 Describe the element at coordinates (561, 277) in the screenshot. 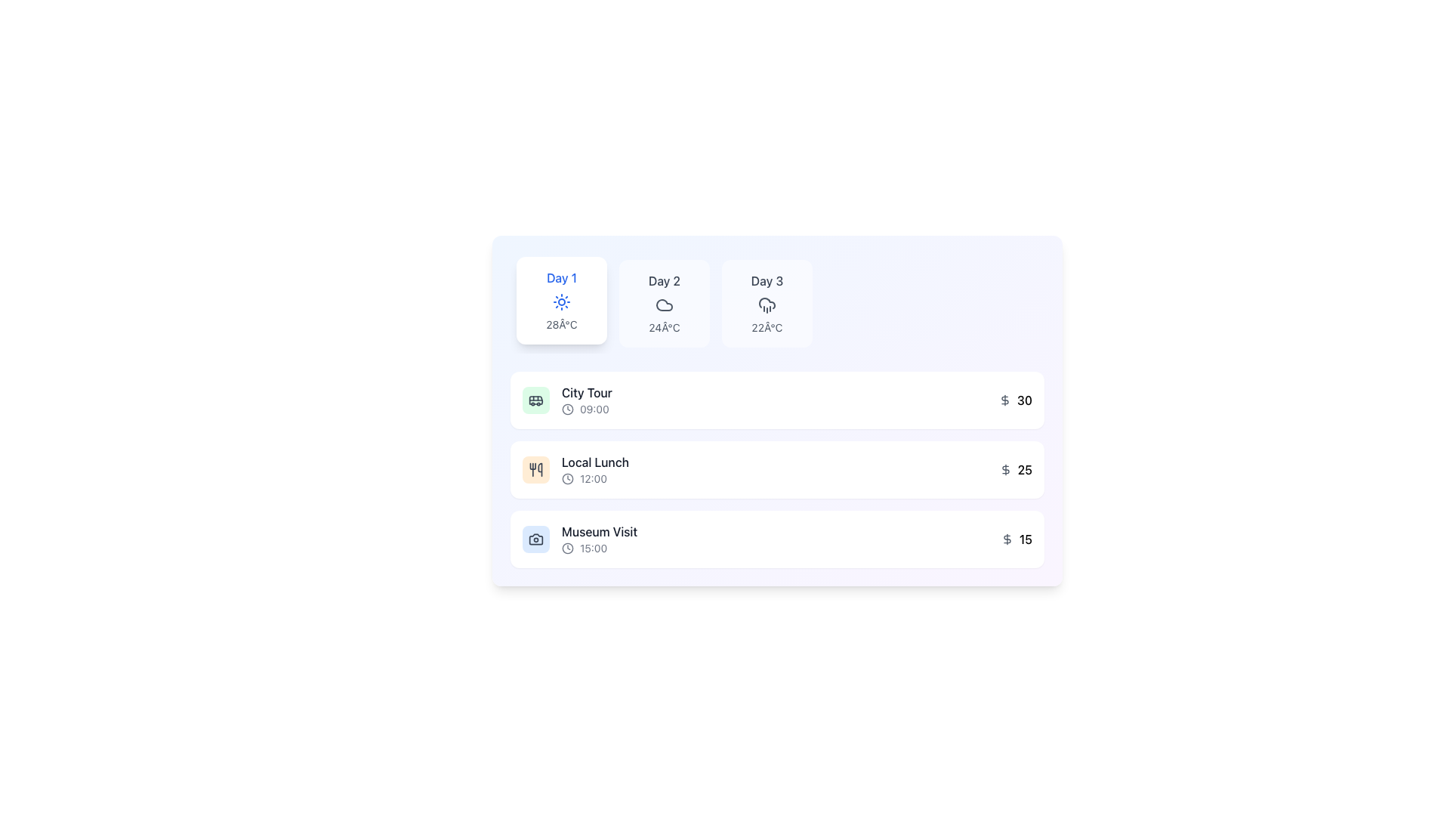

I see `the text label indicating the day number, which is positioned at the top of the first card in a horizontal row of three cards, above the weather icon and temperature indicator` at that location.